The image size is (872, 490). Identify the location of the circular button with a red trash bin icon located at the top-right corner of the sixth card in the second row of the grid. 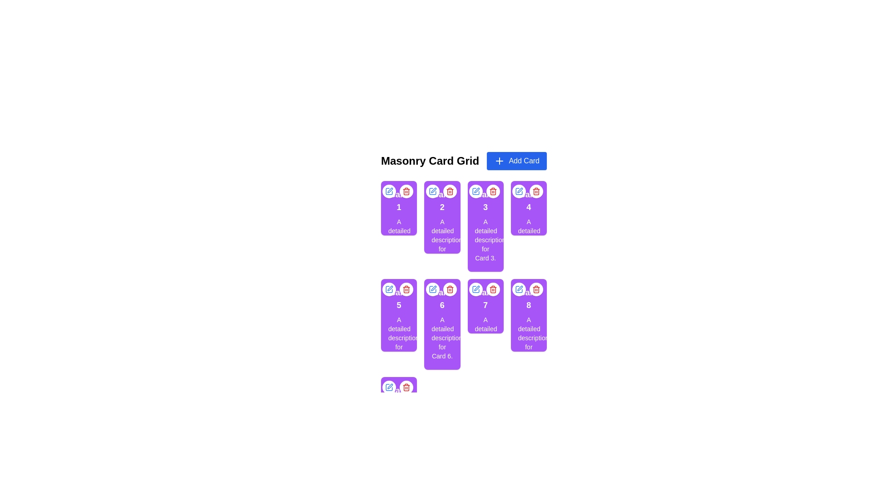
(450, 289).